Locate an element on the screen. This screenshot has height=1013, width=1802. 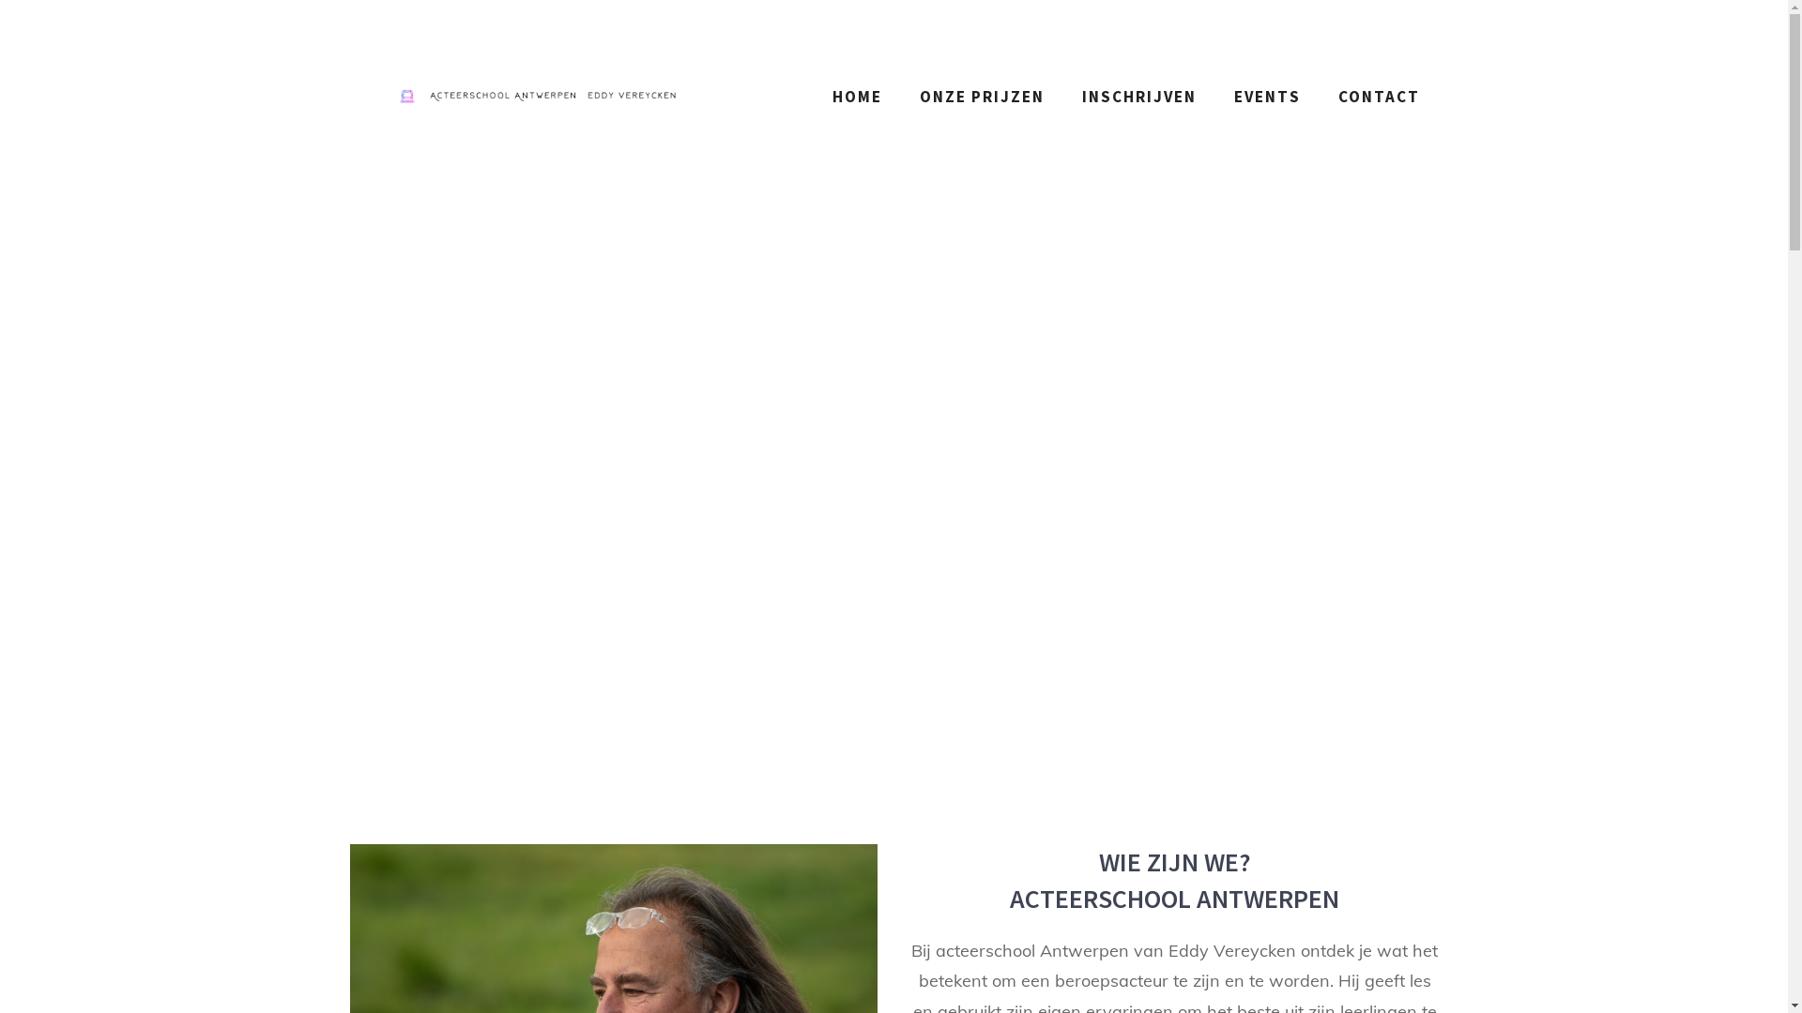
'INSCHRIJVEN' is located at coordinates (1138, 97).